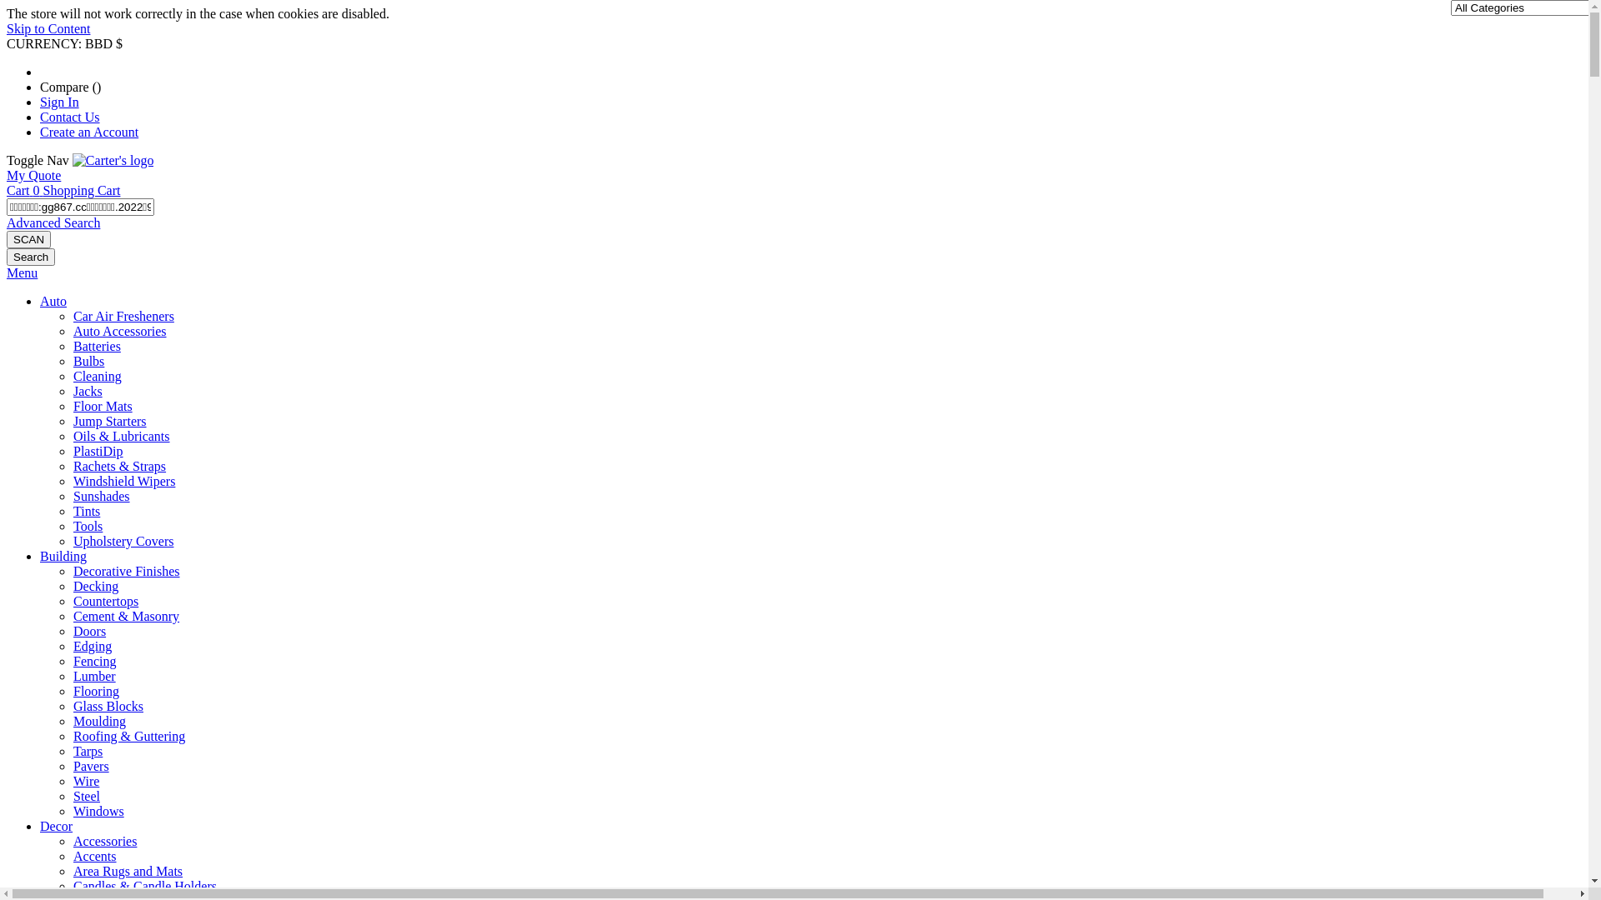  I want to click on 'Cart 0', so click(24, 189).